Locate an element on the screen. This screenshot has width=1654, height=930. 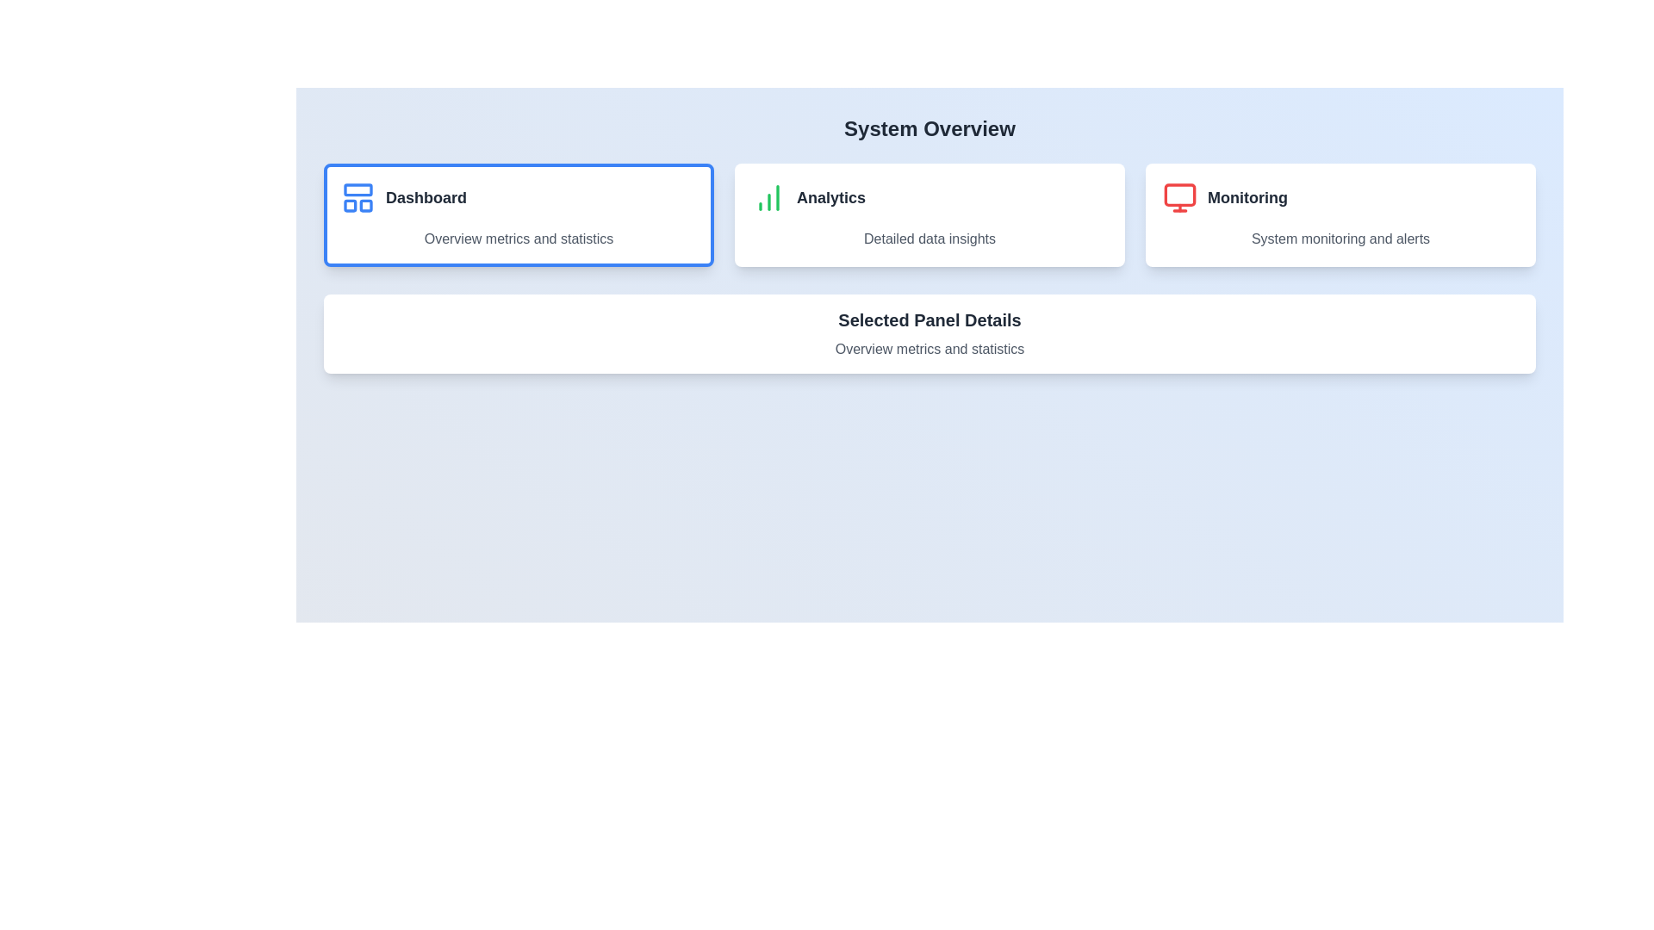
text content of the label displaying 'Monitoring', which is styled in bold, large font and positioned adjacent to a monitor icon within a card element is located at coordinates (1247, 197).